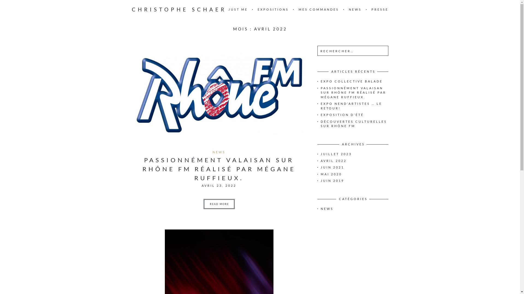 The width and height of the screenshot is (524, 294). Describe the element at coordinates (318, 9) in the screenshot. I see `'MES COMMANDES'` at that location.